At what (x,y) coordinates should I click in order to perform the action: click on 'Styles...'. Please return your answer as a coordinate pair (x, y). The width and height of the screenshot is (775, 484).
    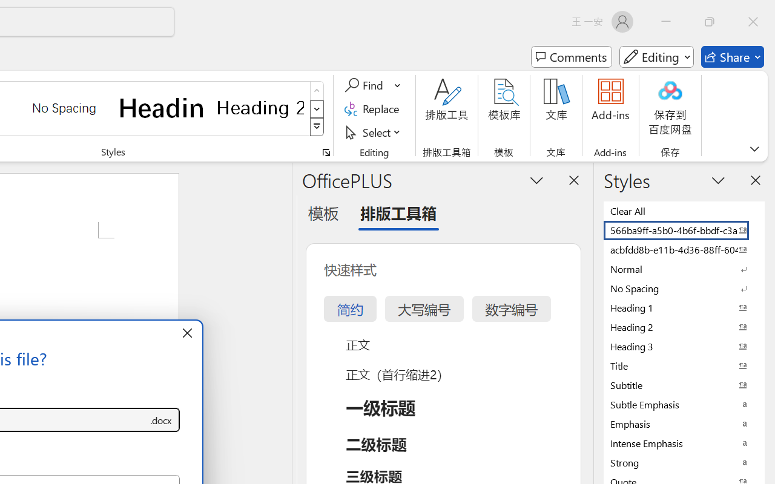
    Looking at the image, I should click on (326, 152).